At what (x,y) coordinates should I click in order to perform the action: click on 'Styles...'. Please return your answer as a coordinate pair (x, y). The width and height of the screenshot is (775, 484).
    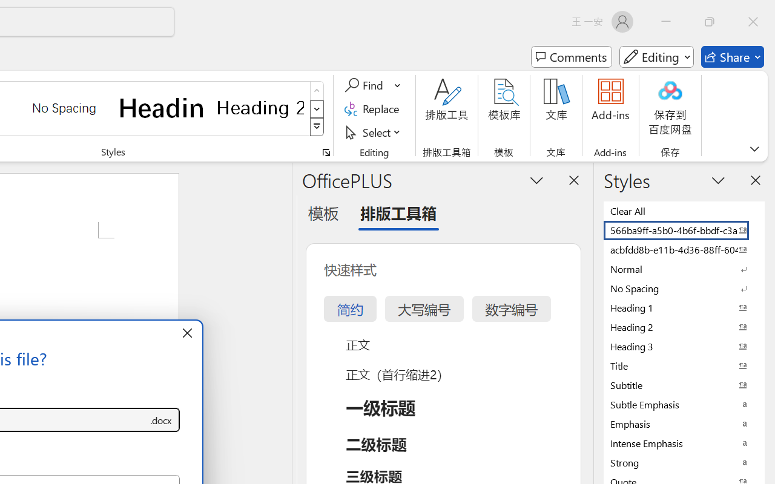
    Looking at the image, I should click on (326, 152).